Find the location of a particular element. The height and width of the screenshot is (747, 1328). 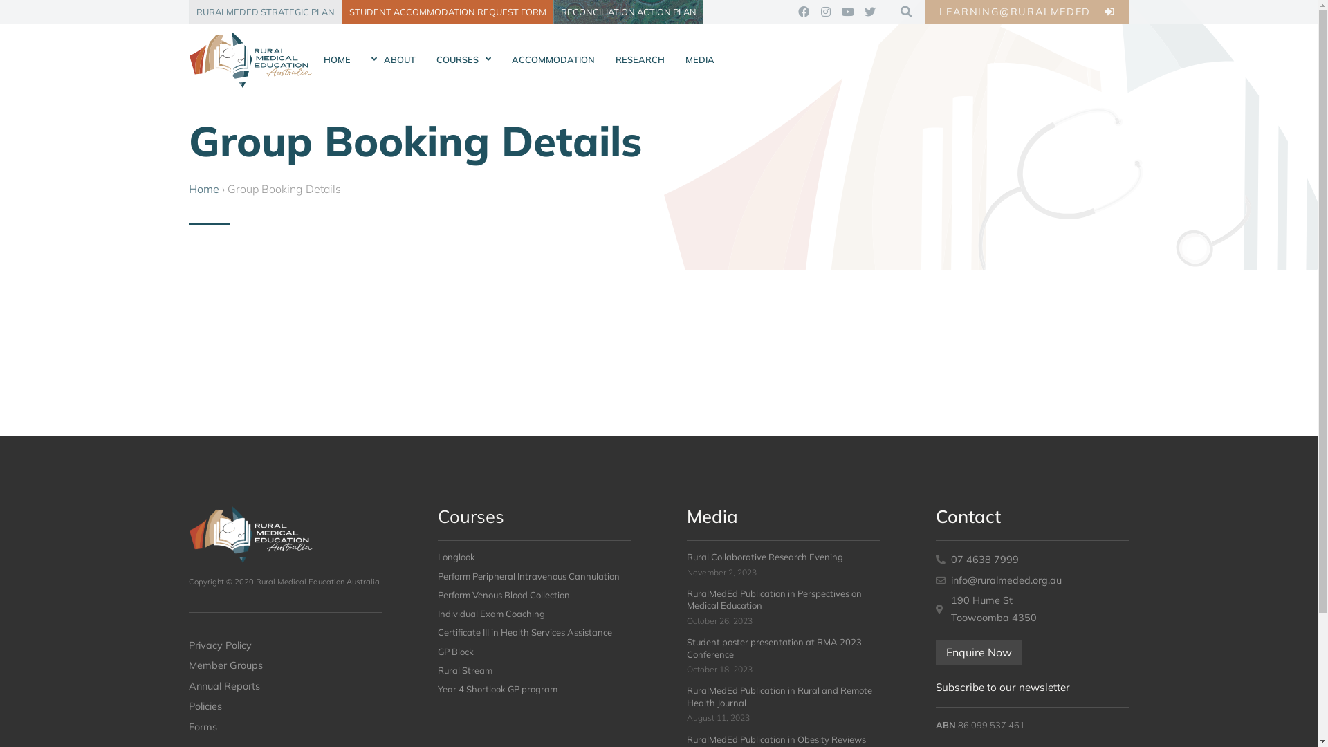

'RURALMEDED STRATEGIC PLAN' is located at coordinates (264, 12).